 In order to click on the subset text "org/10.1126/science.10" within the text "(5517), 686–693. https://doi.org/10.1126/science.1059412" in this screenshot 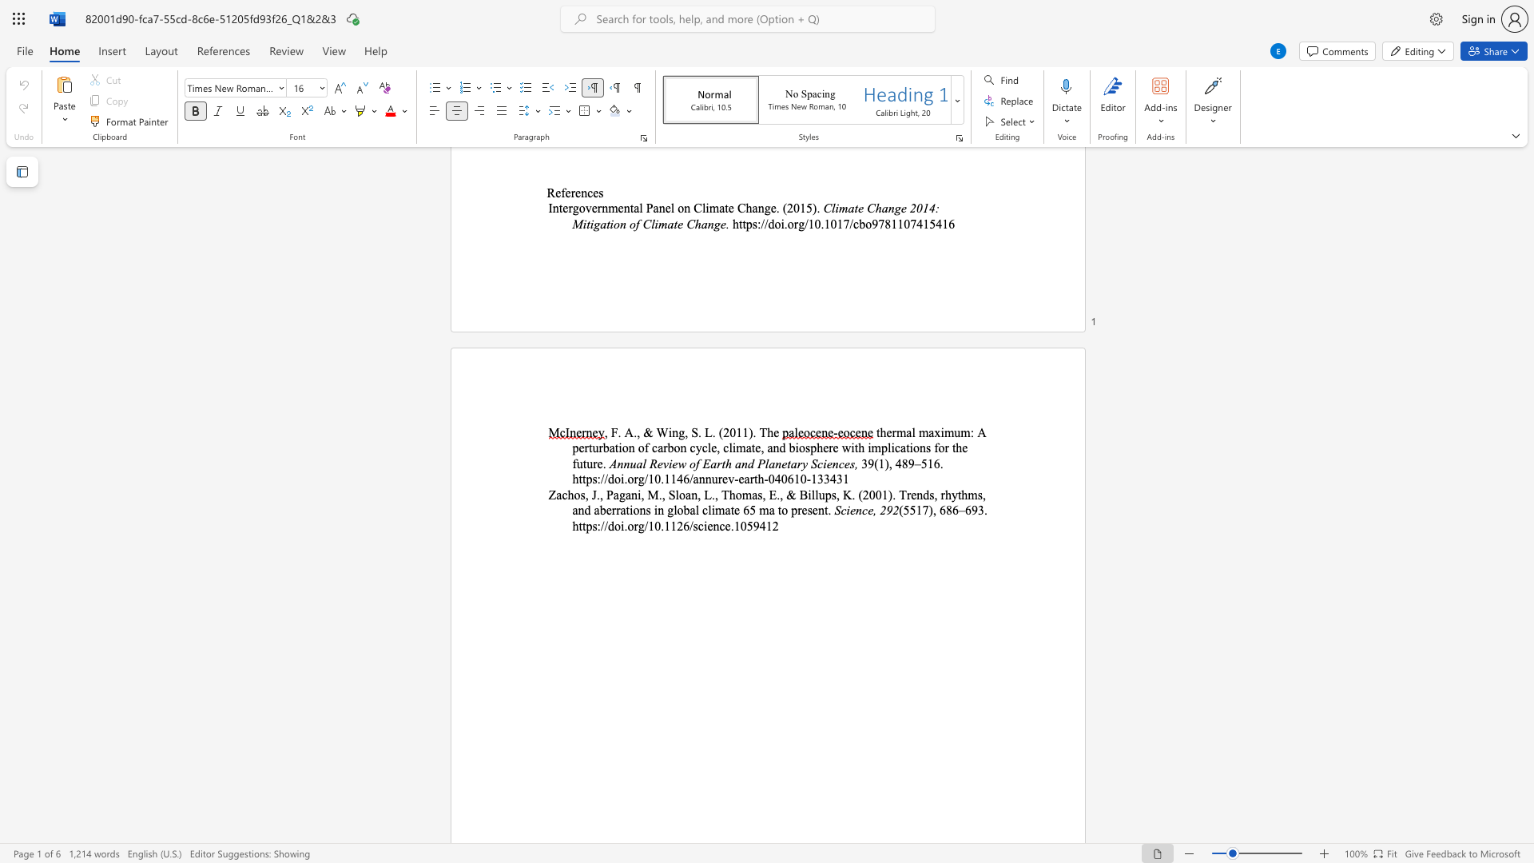, I will do `click(626, 526)`.